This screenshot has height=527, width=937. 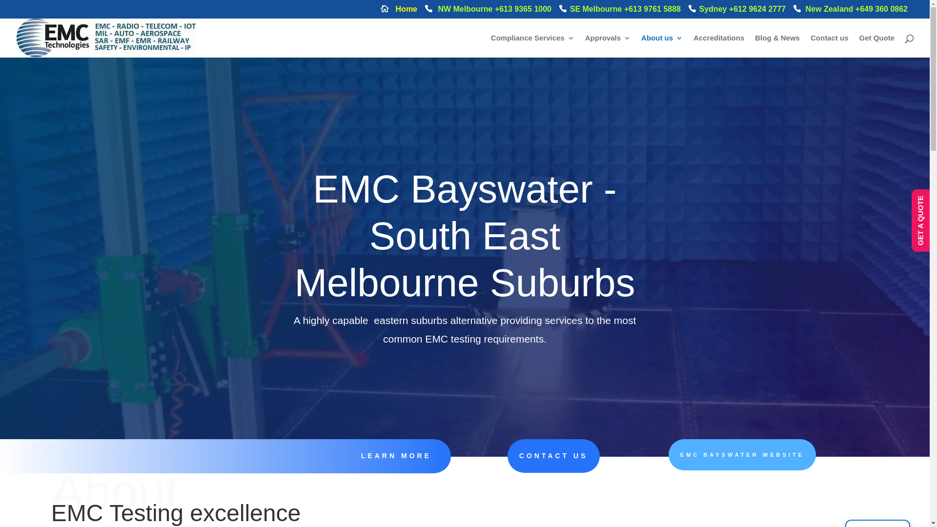 I want to click on 'Accreditations', so click(x=719, y=46).